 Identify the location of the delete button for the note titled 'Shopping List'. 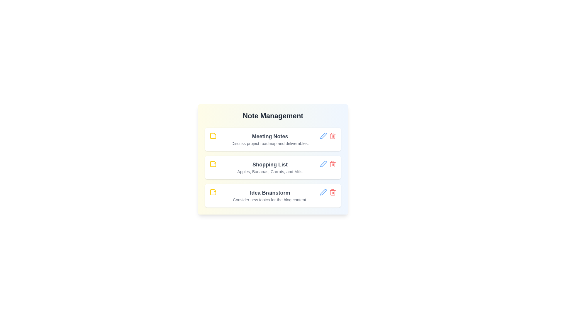
(333, 164).